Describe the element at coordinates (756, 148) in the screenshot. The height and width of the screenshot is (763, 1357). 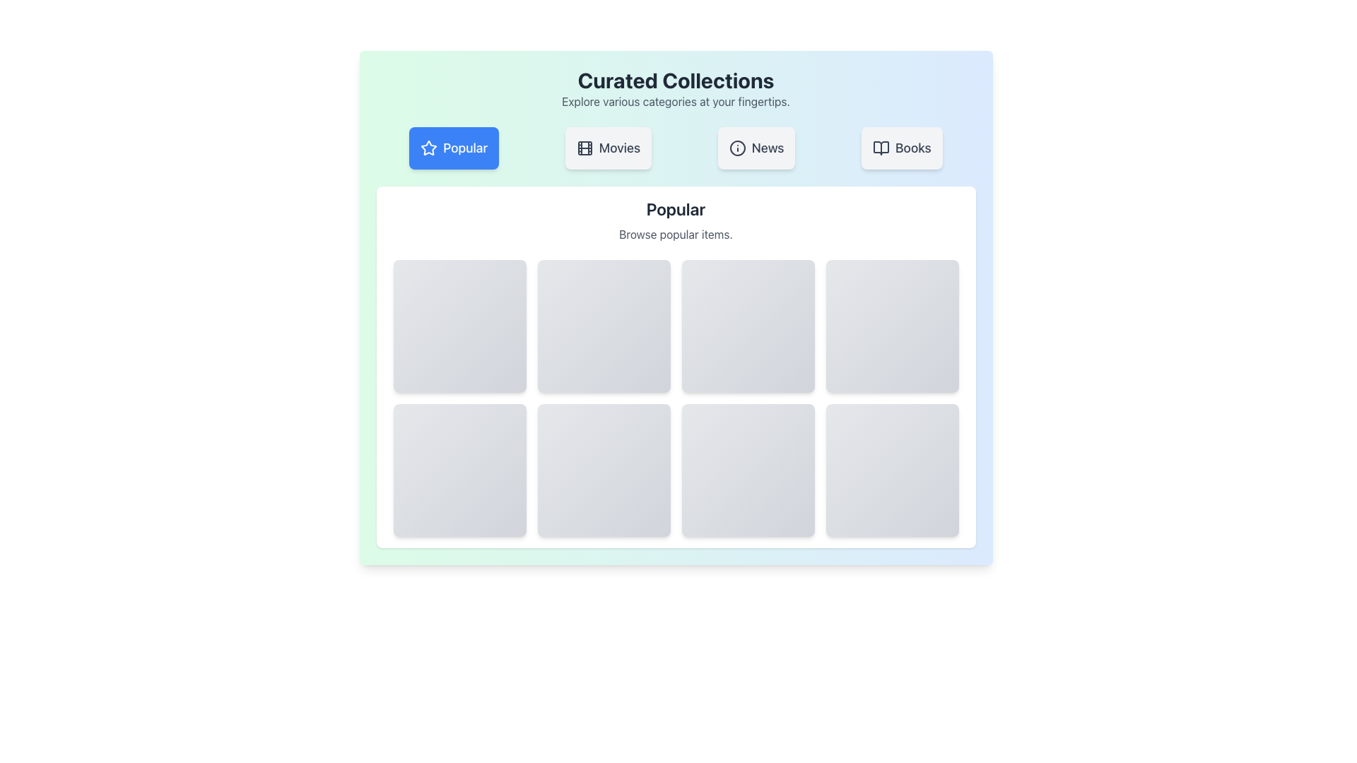
I see `the 'News' button, which is the third button in the group under 'Curated Collections'` at that location.